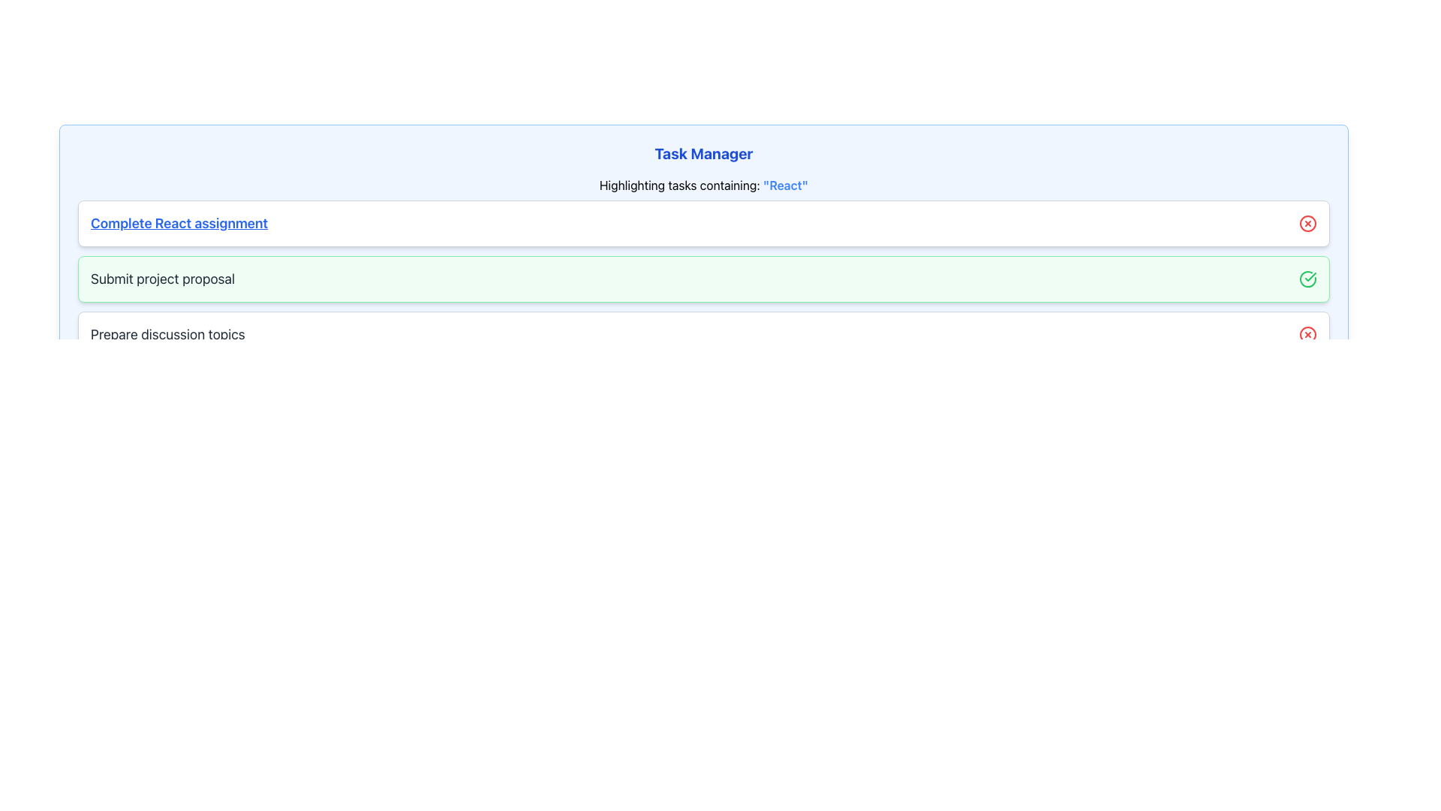  Describe the element at coordinates (179, 223) in the screenshot. I see `the text element representing the title or main content of the first task card in the Task Manager` at that location.